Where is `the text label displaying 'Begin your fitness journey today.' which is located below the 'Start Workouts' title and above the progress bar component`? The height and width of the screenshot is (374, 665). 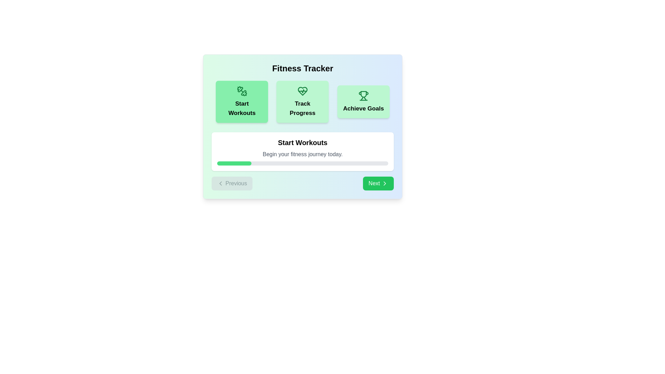
the text label displaying 'Begin your fitness journey today.' which is located below the 'Start Workouts' title and above the progress bar component is located at coordinates (302, 154).